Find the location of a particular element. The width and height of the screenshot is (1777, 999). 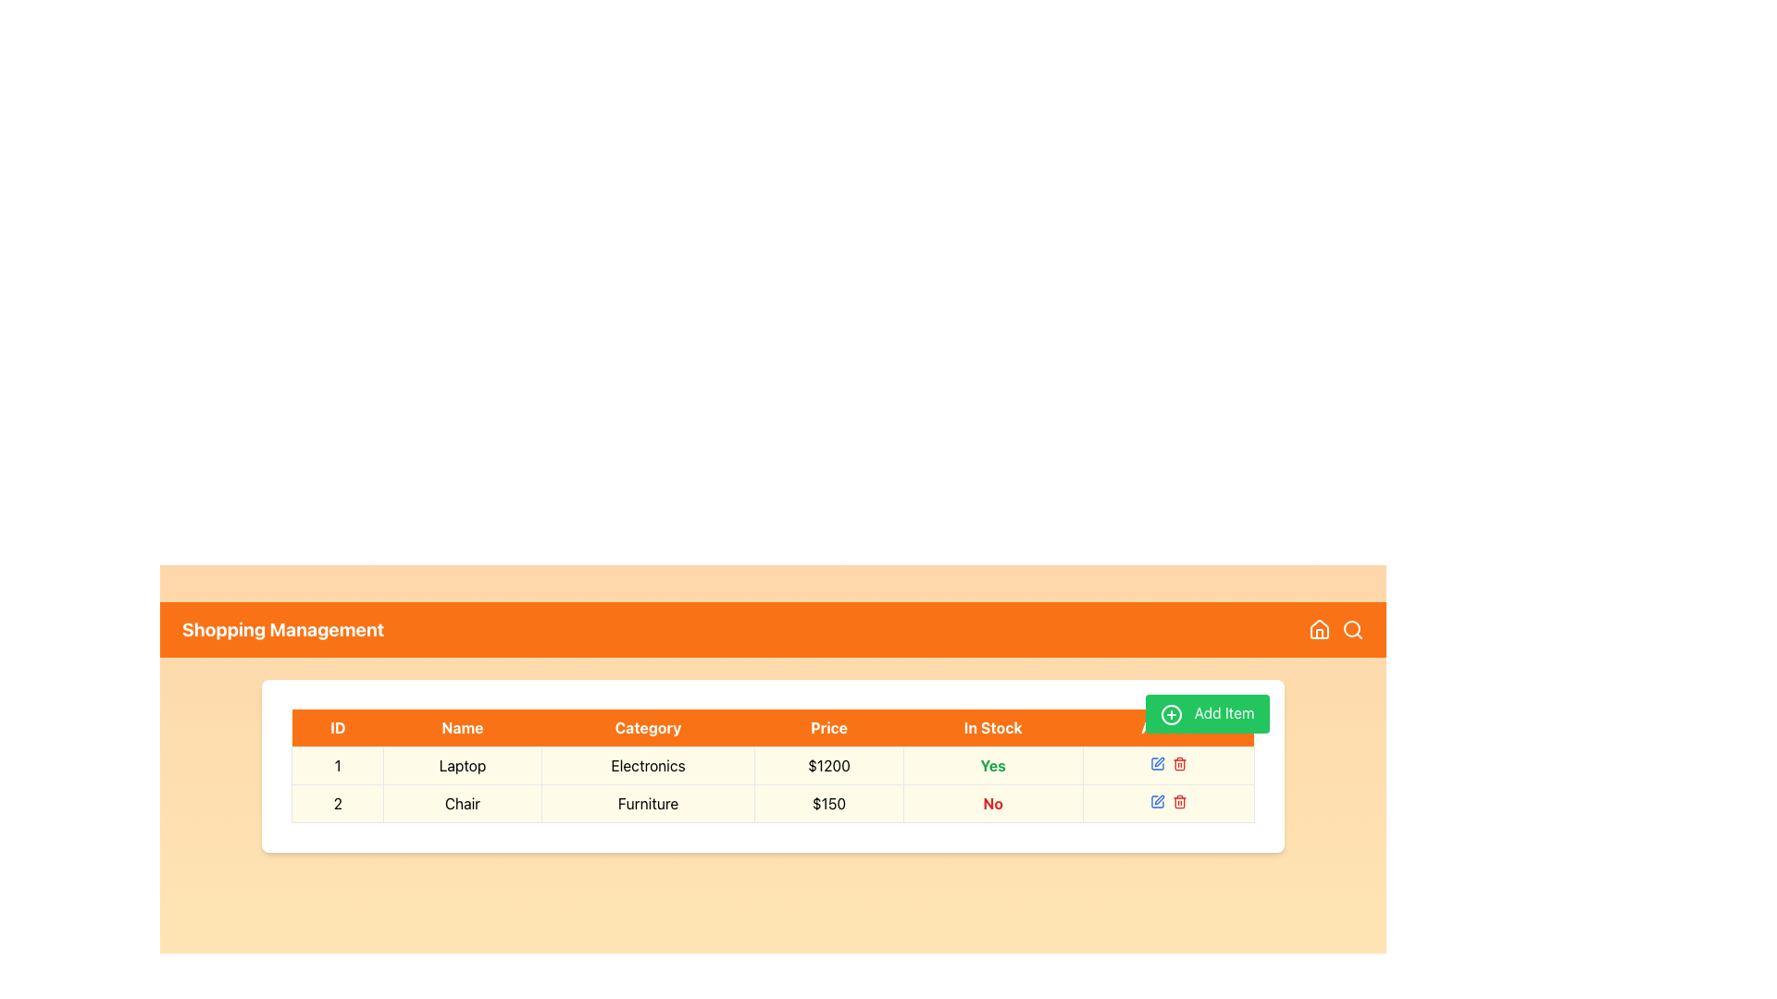

text 'Furniture' displayed in the third column of the second row in the table, which is located under the 'Category' column and adjacent to the 'Chair' entry is located at coordinates (648, 802).